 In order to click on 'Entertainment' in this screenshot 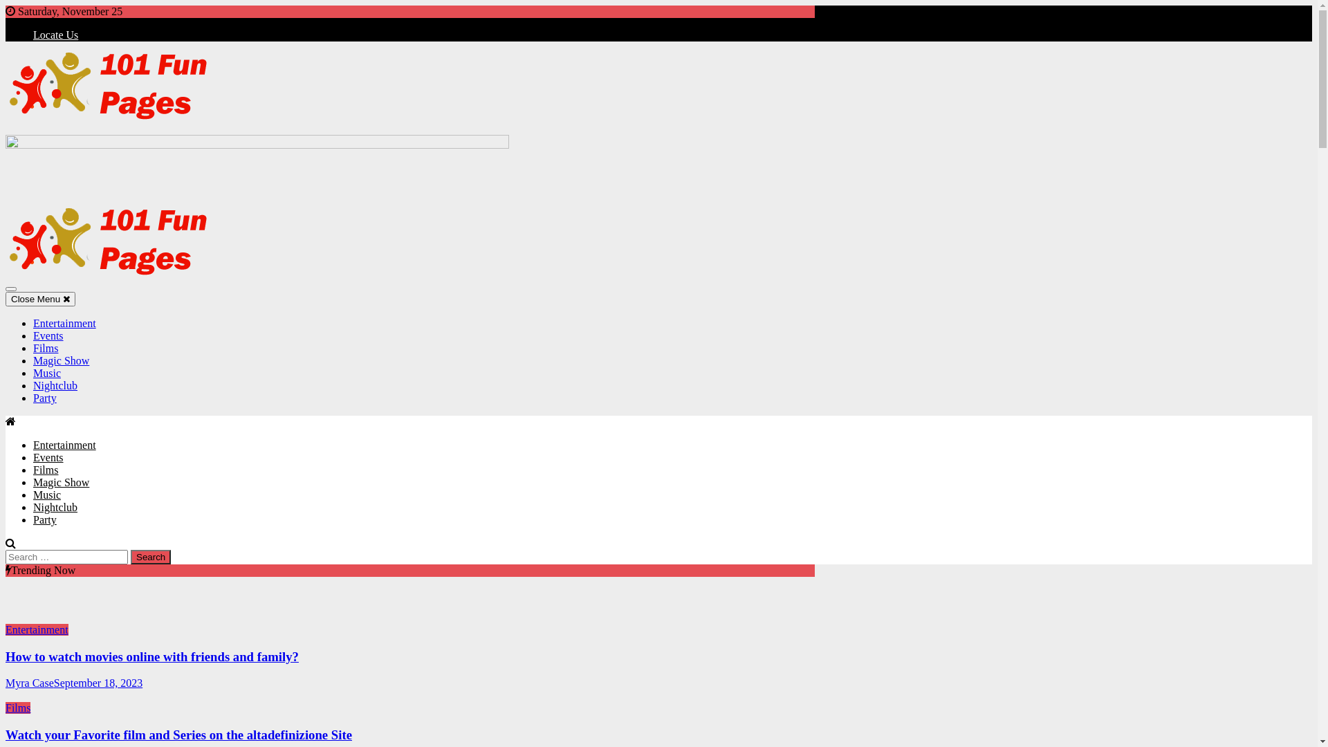, I will do `click(64, 445)`.